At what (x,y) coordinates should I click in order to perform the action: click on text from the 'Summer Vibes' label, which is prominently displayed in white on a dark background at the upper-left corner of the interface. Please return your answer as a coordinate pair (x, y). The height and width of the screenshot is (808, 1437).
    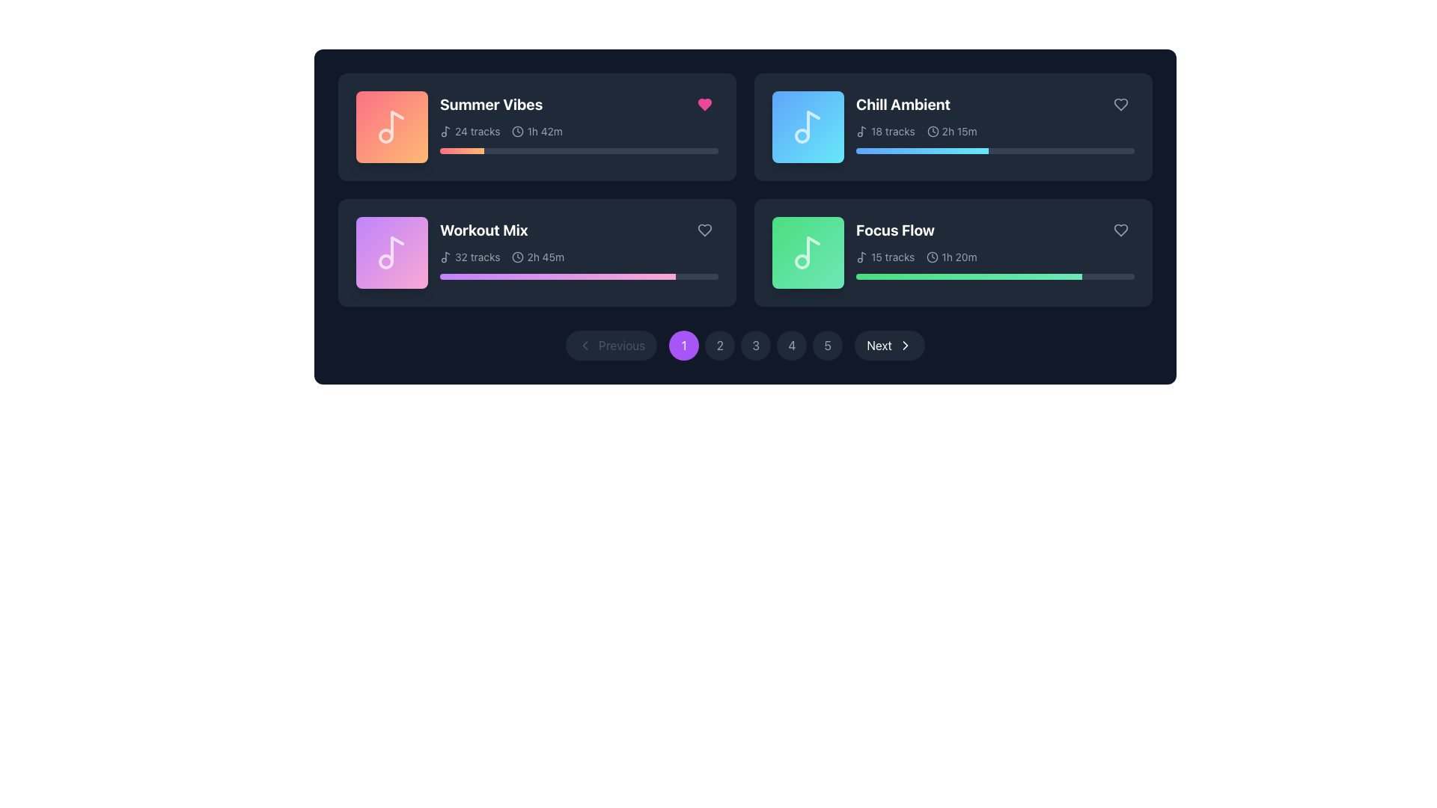
    Looking at the image, I should click on (491, 103).